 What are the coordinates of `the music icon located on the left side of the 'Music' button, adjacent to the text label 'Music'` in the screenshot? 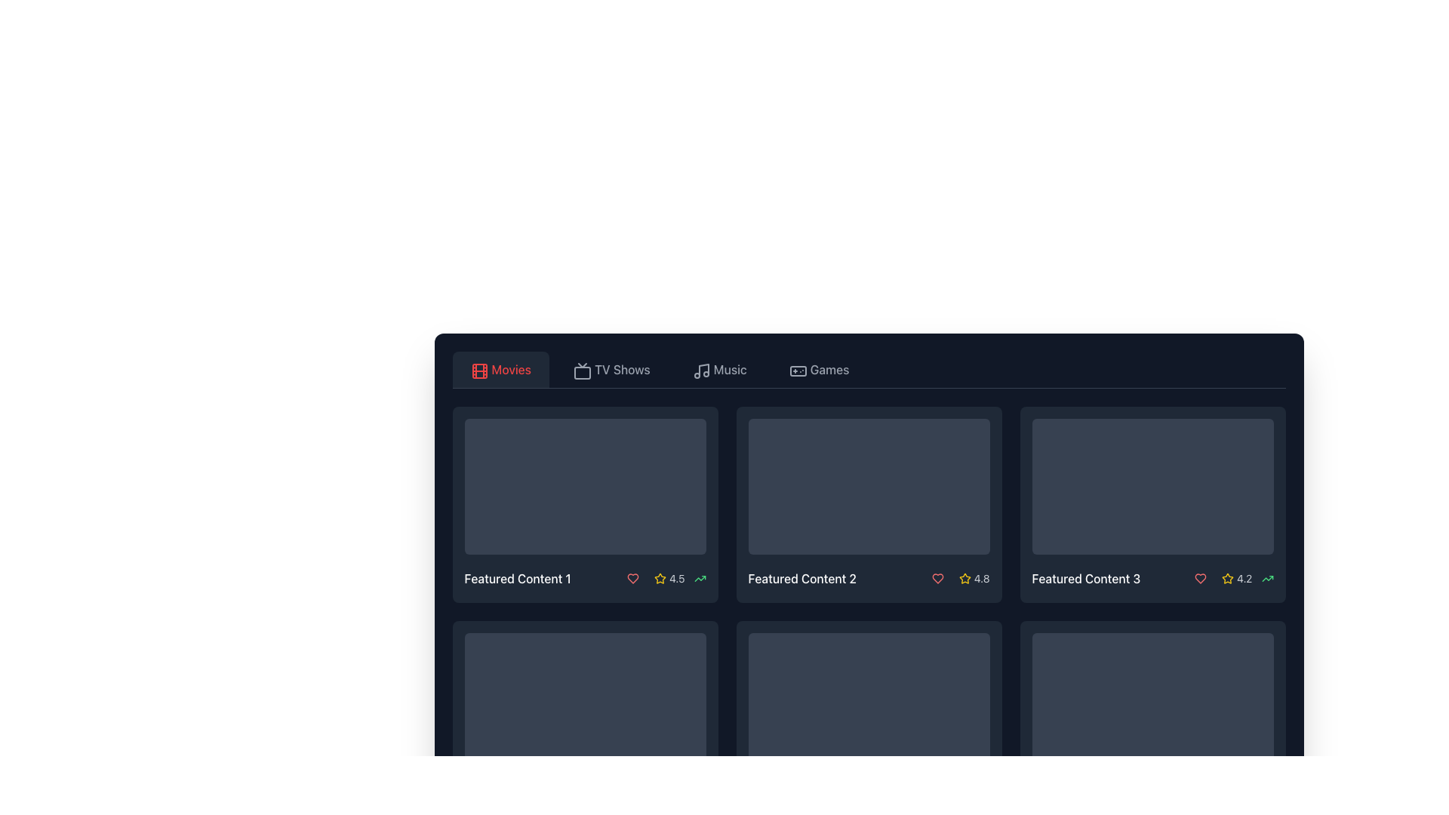 It's located at (699, 369).